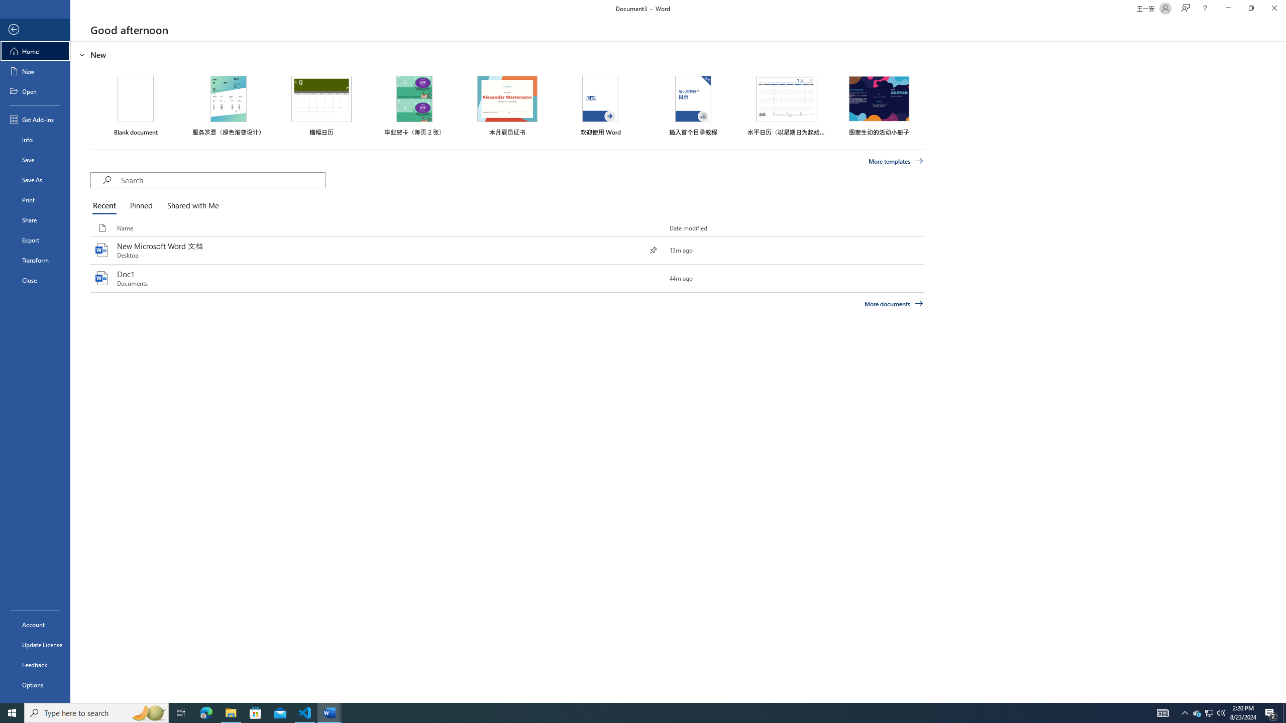  What do you see at coordinates (893, 303) in the screenshot?
I see `'More documents'` at bounding box center [893, 303].